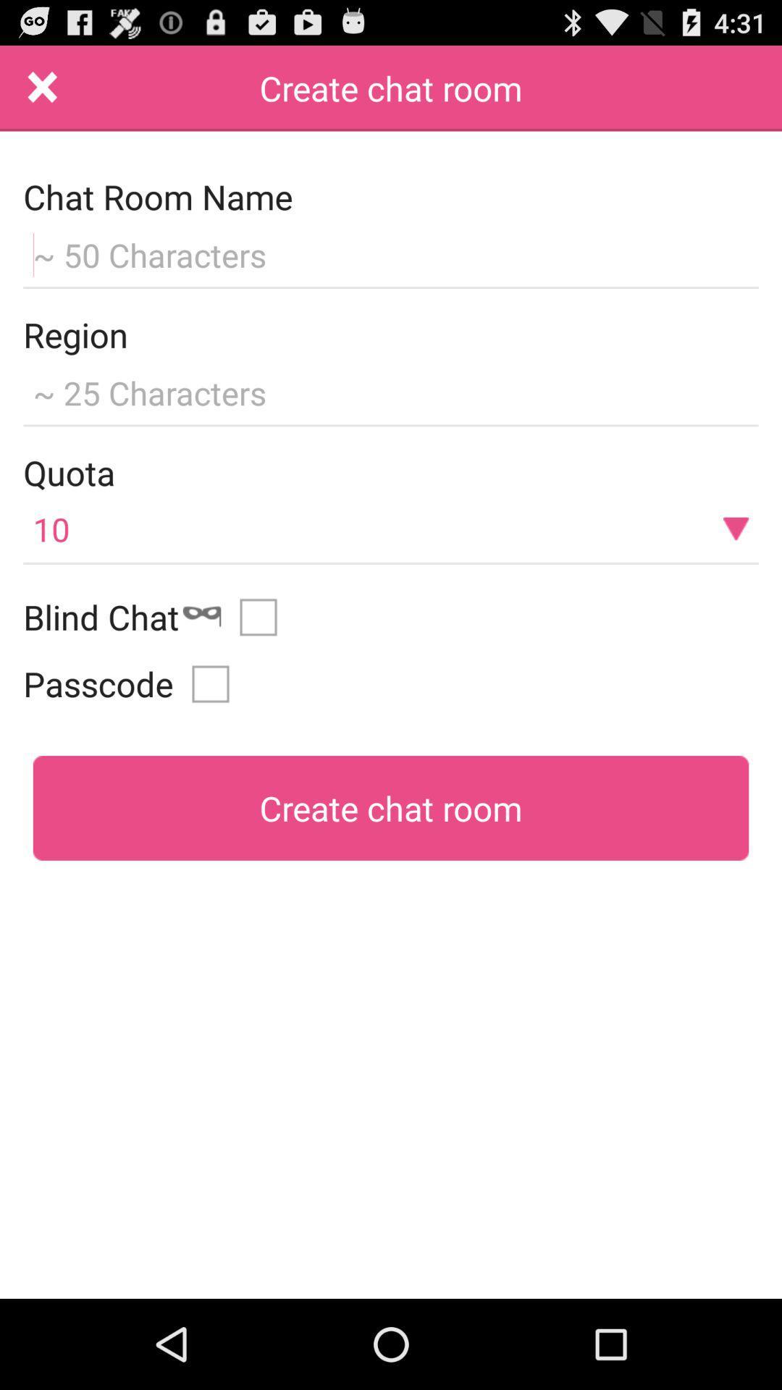 This screenshot has width=782, height=1390. I want to click on type chat room name, so click(391, 253).